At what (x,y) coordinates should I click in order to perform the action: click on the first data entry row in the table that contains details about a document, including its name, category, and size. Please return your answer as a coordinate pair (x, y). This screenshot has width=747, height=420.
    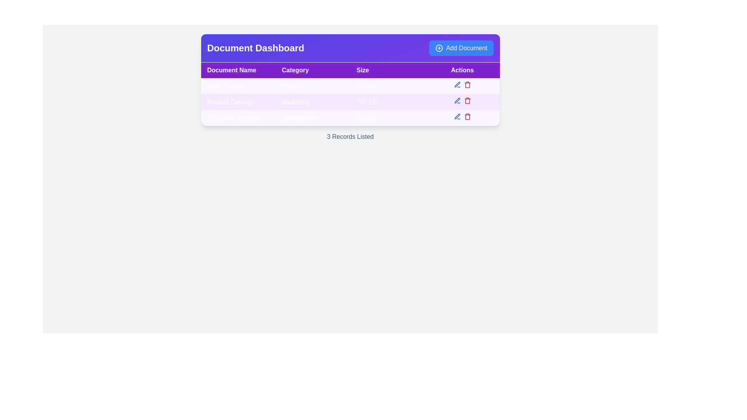
    Looking at the image, I should click on (350, 86).